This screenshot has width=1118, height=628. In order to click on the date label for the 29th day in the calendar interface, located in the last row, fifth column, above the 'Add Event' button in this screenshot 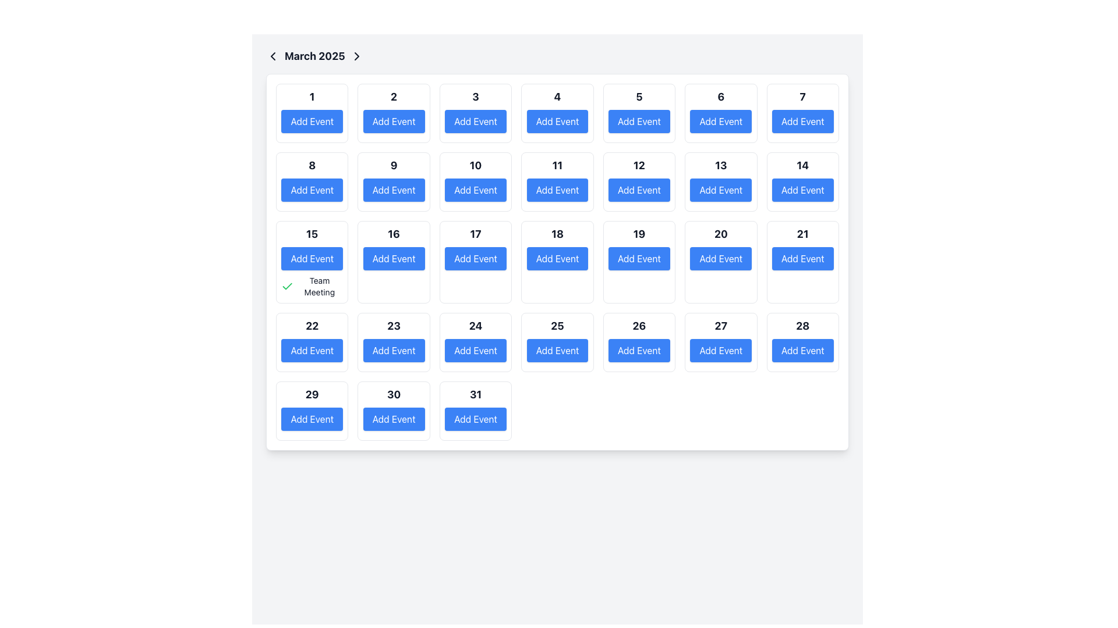, I will do `click(312, 394)`.